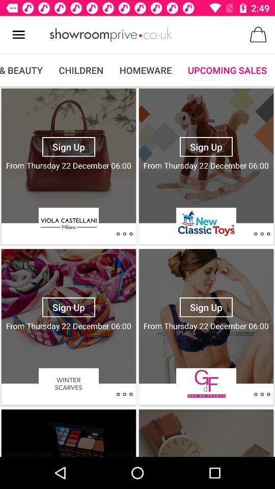 This screenshot has width=275, height=489. I want to click on more options, so click(262, 394).